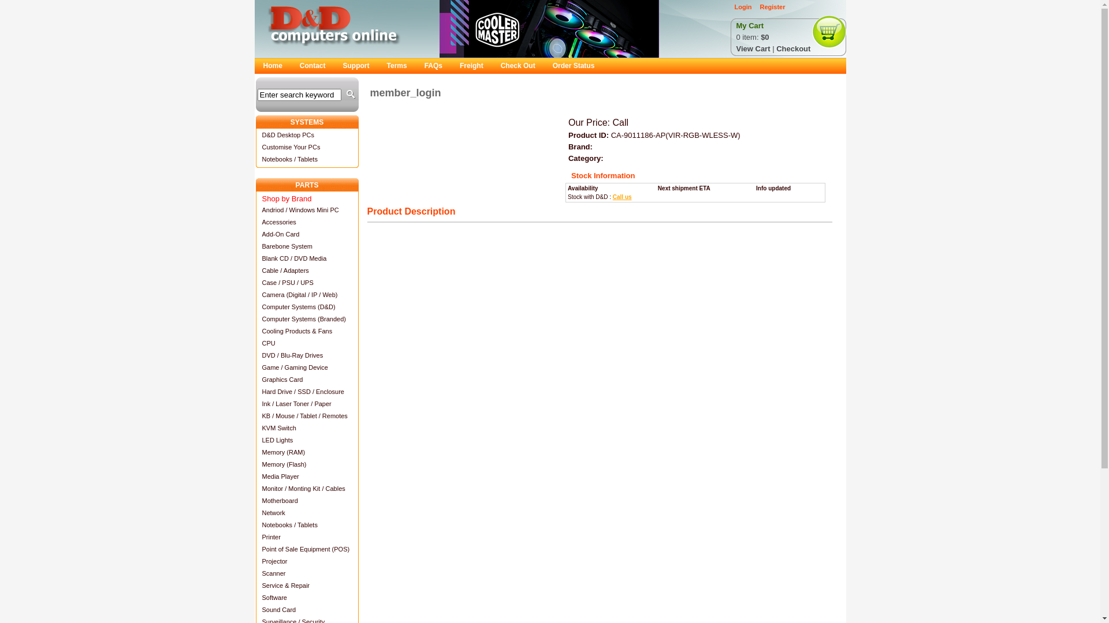 The height and width of the screenshot is (623, 1109). What do you see at coordinates (307, 609) in the screenshot?
I see `'Sound Card'` at bounding box center [307, 609].